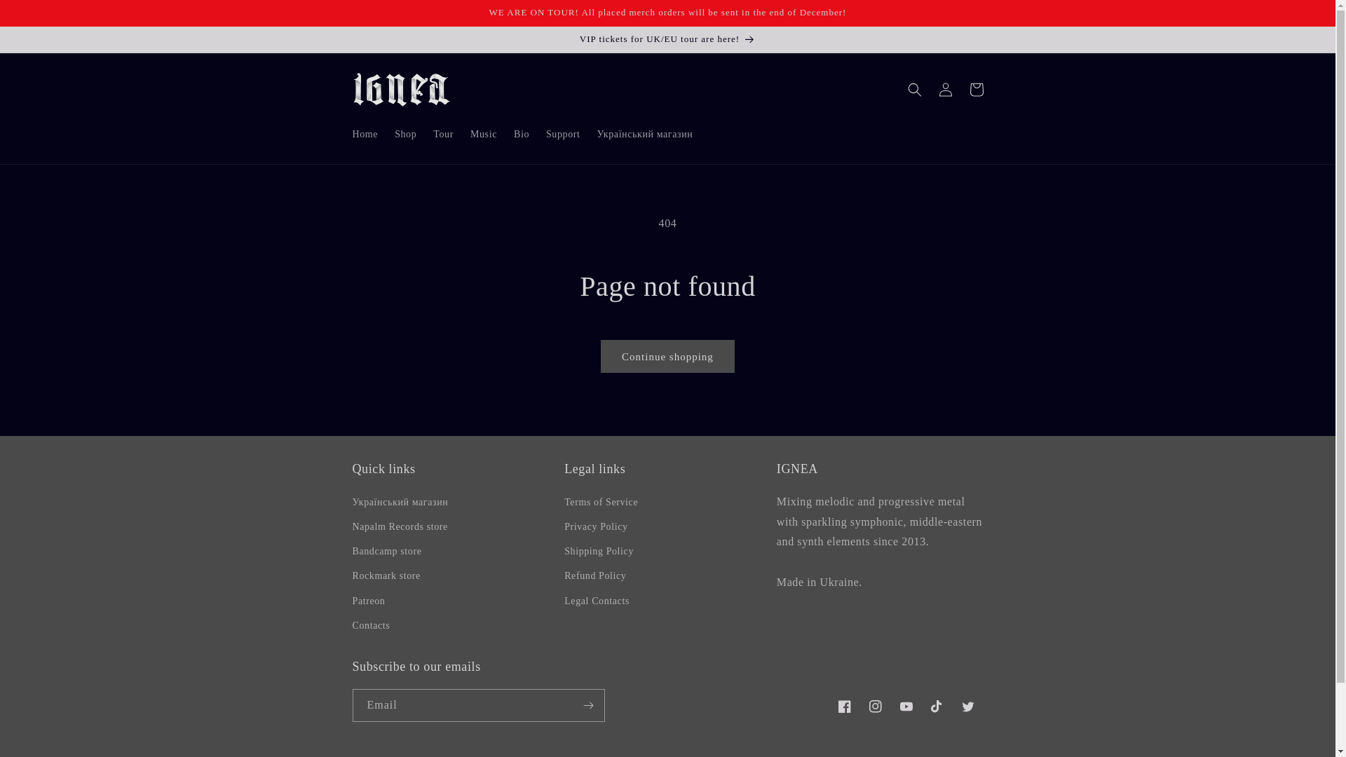 The height and width of the screenshot is (757, 1346). Describe the element at coordinates (505, 135) in the screenshot. I see `'Bio'` at that location.